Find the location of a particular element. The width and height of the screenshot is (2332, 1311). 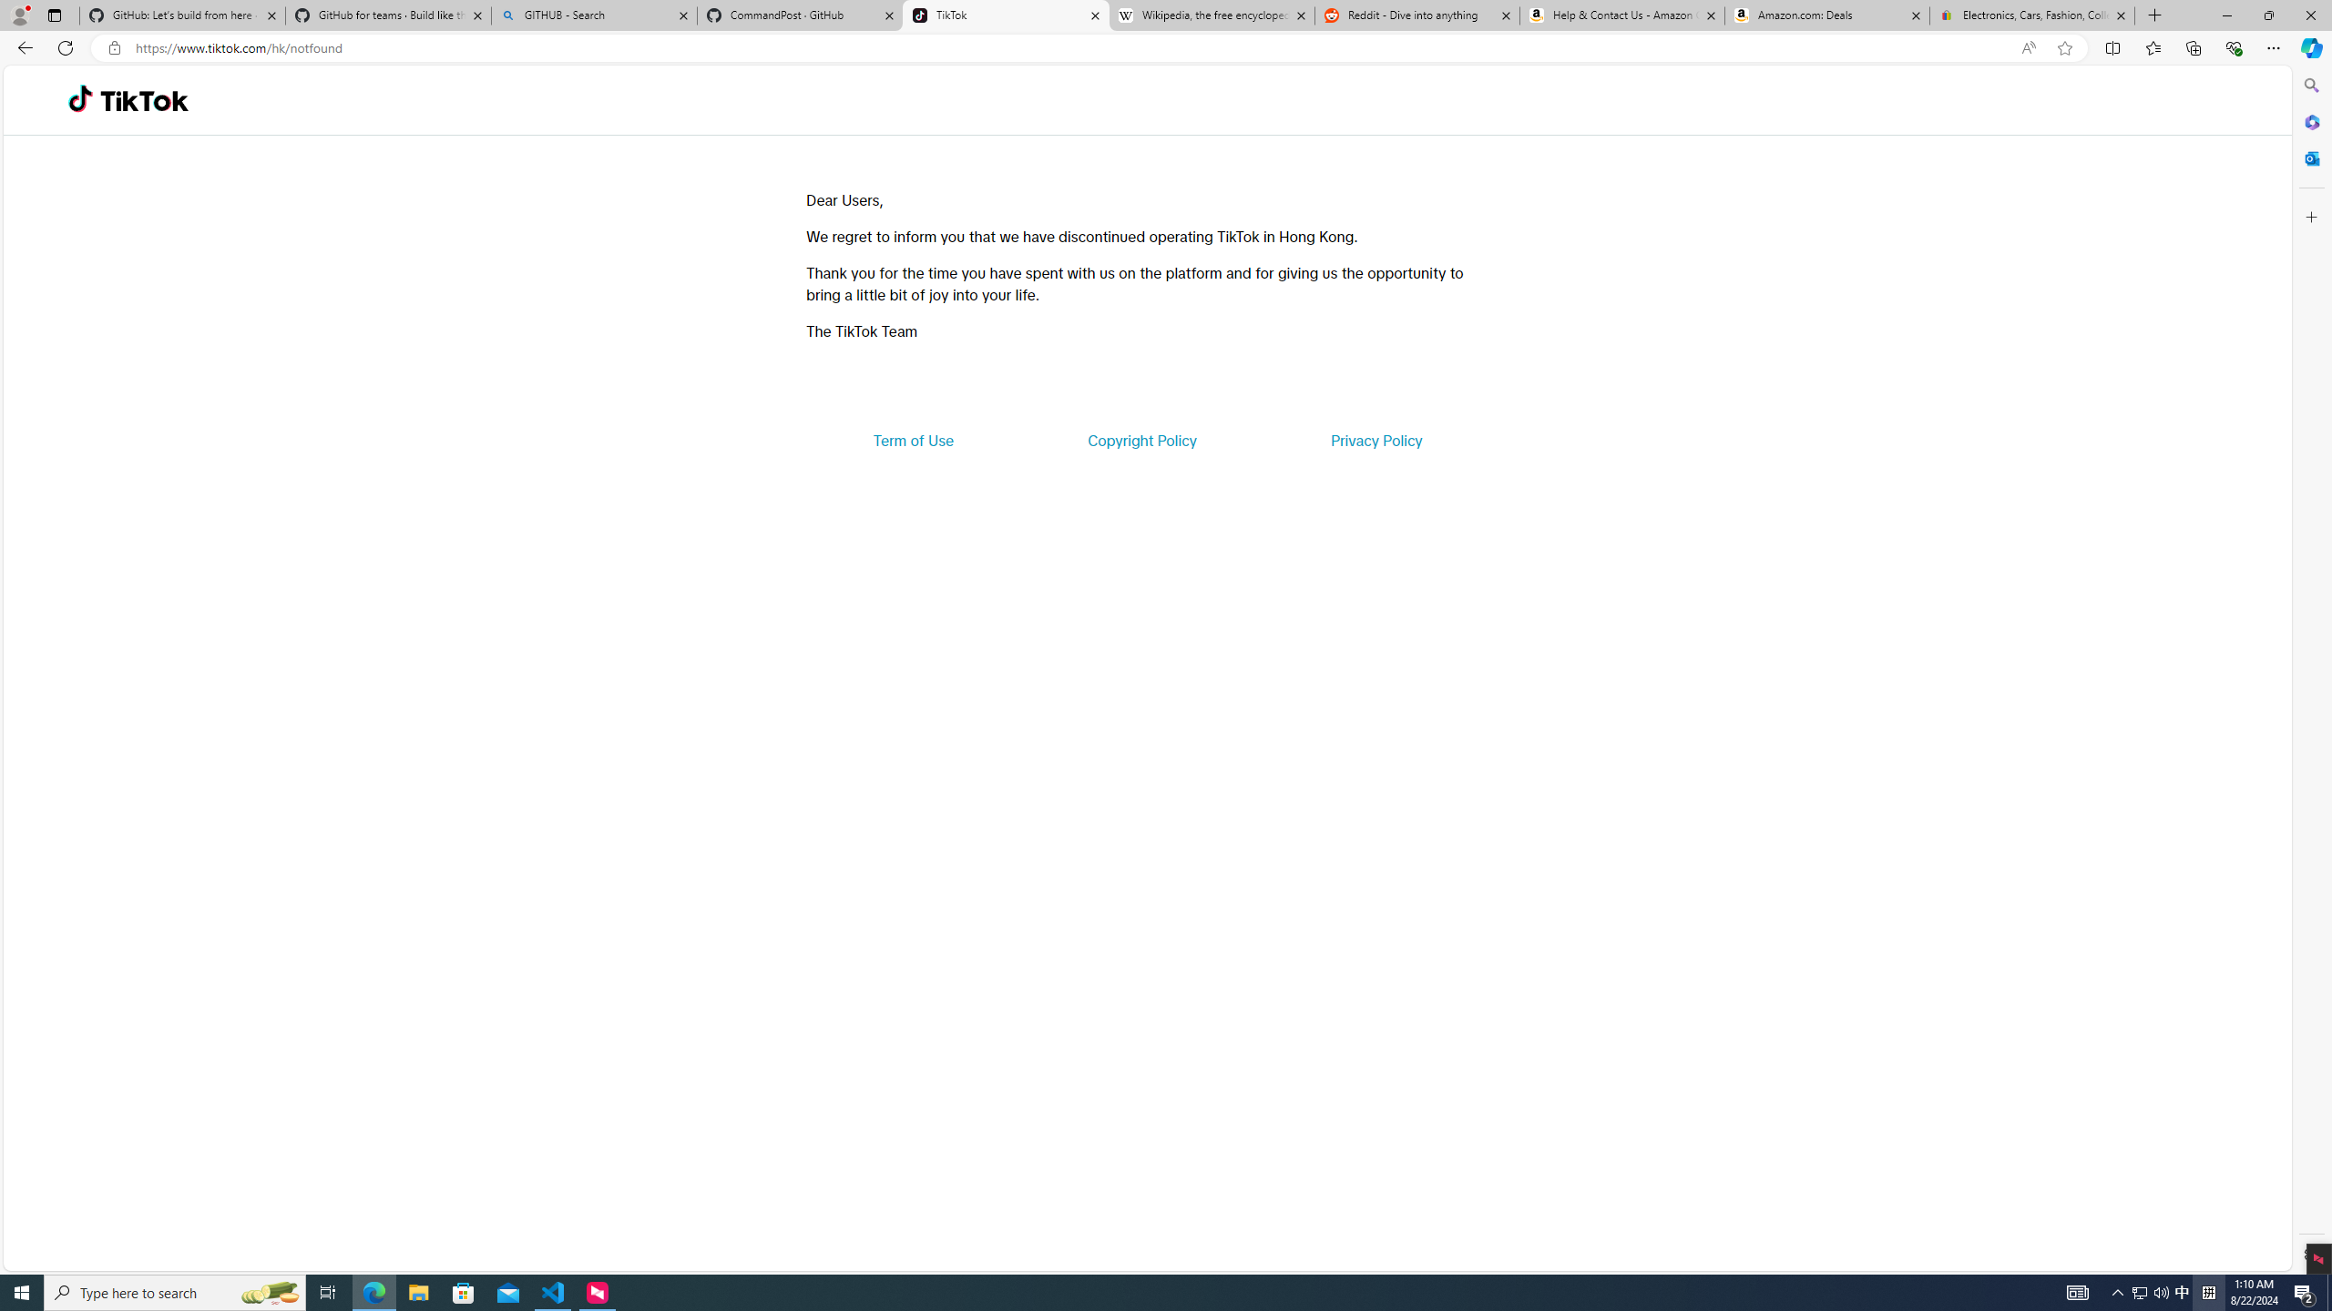

'Copyright Policy' is located at coordinates (1140, 439).